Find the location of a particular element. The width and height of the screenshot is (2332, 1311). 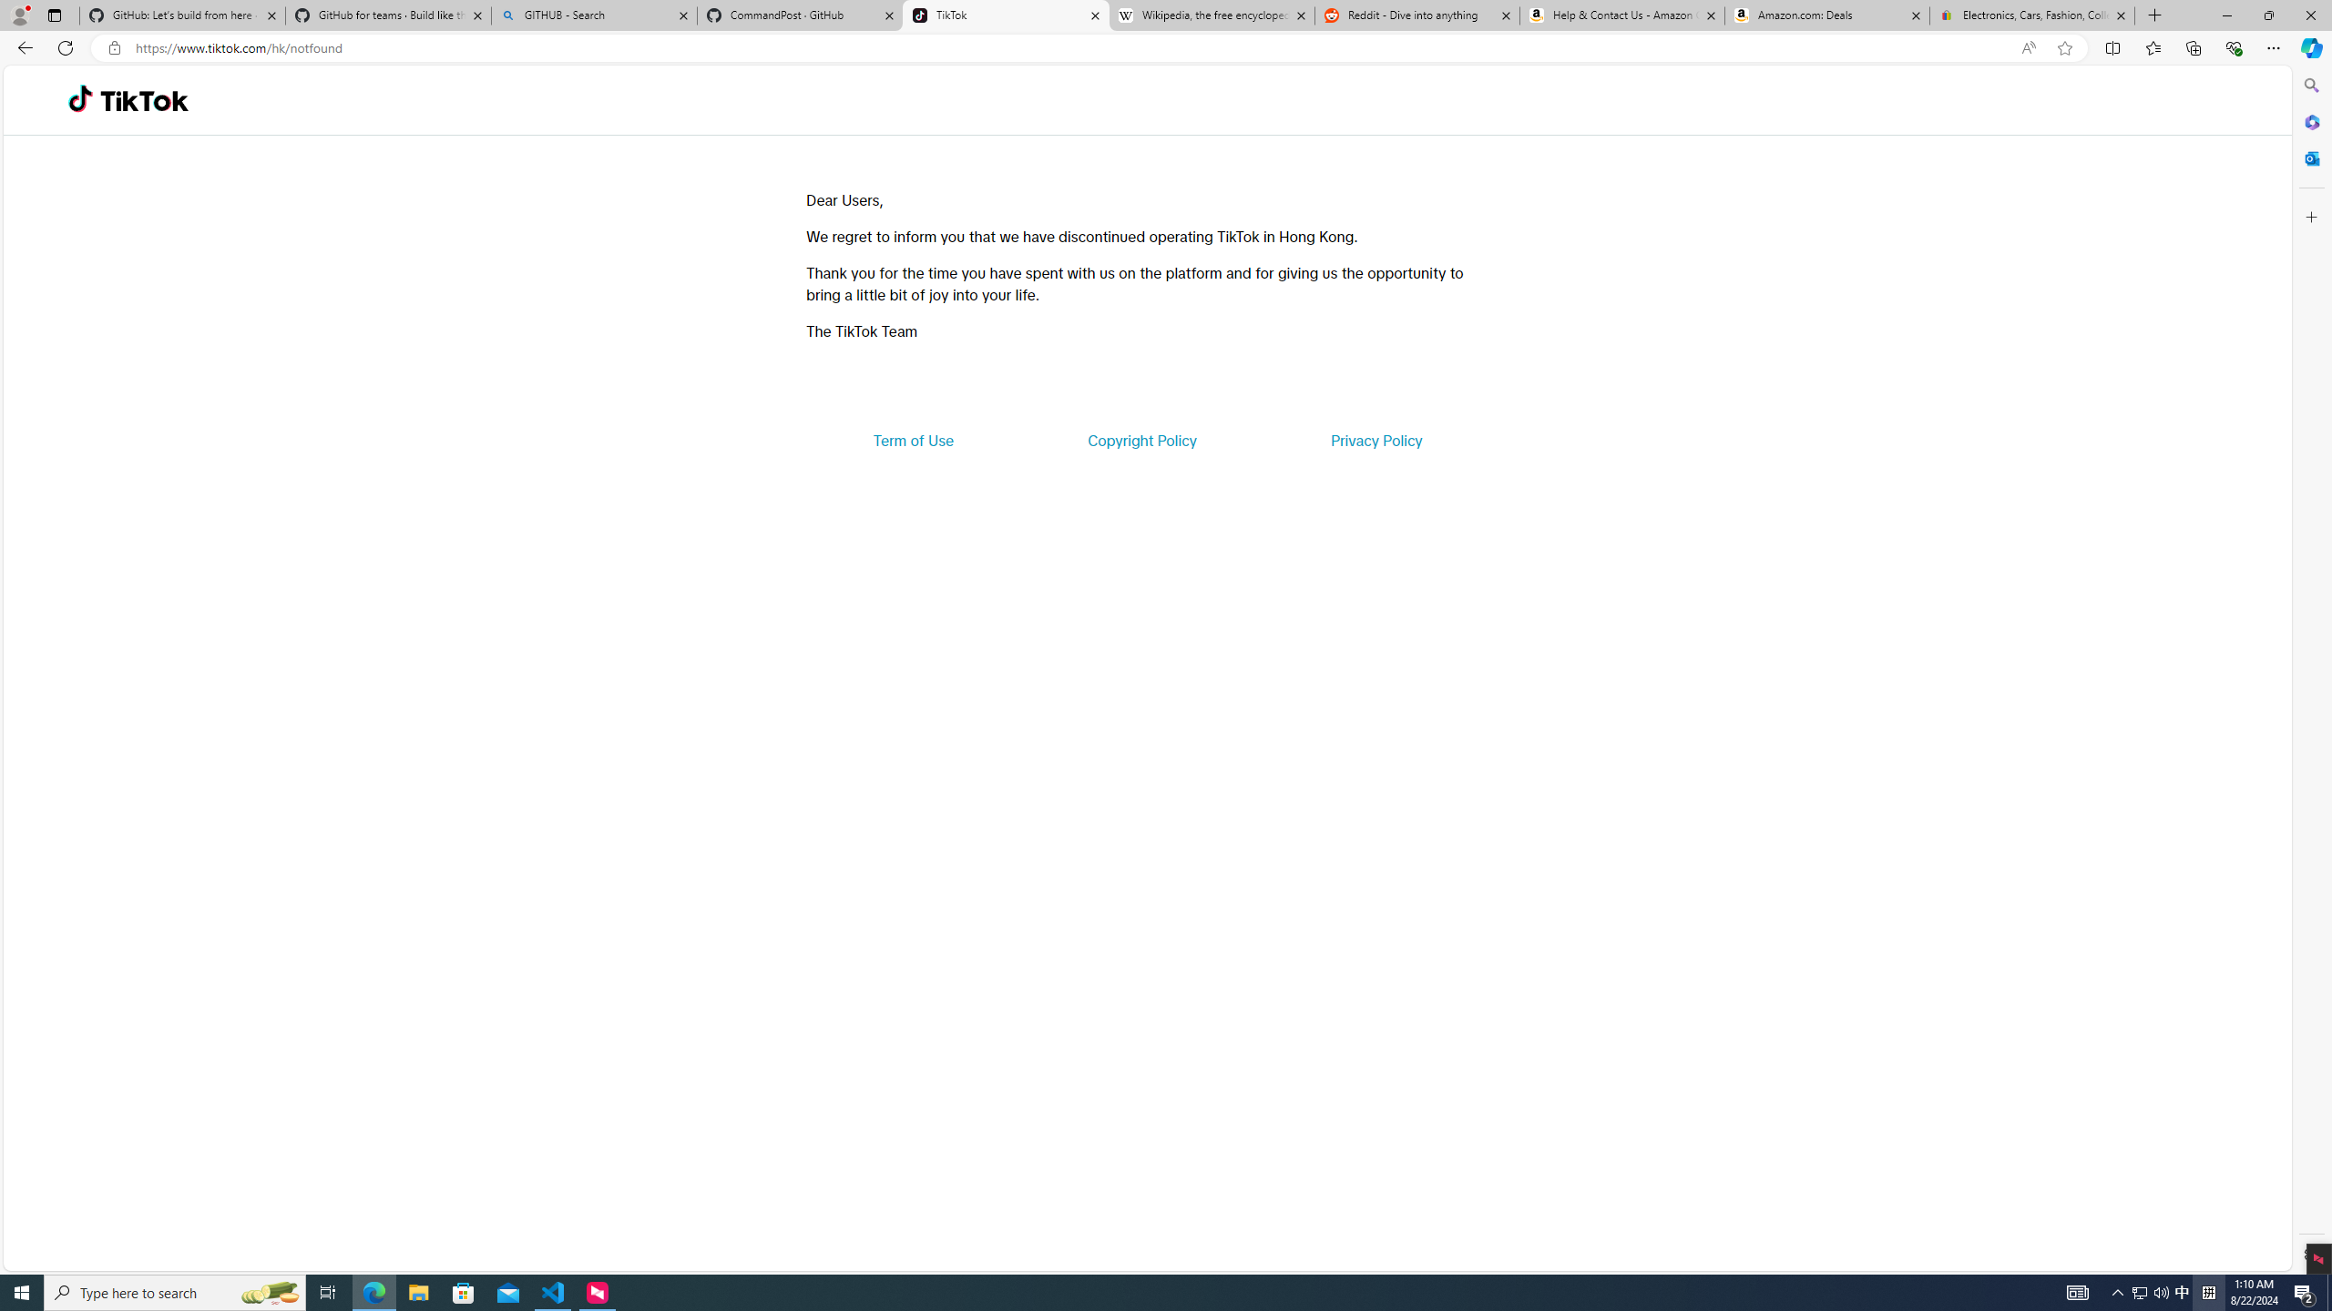

'Copyright Policy' is located at coordinates (1140, 439).